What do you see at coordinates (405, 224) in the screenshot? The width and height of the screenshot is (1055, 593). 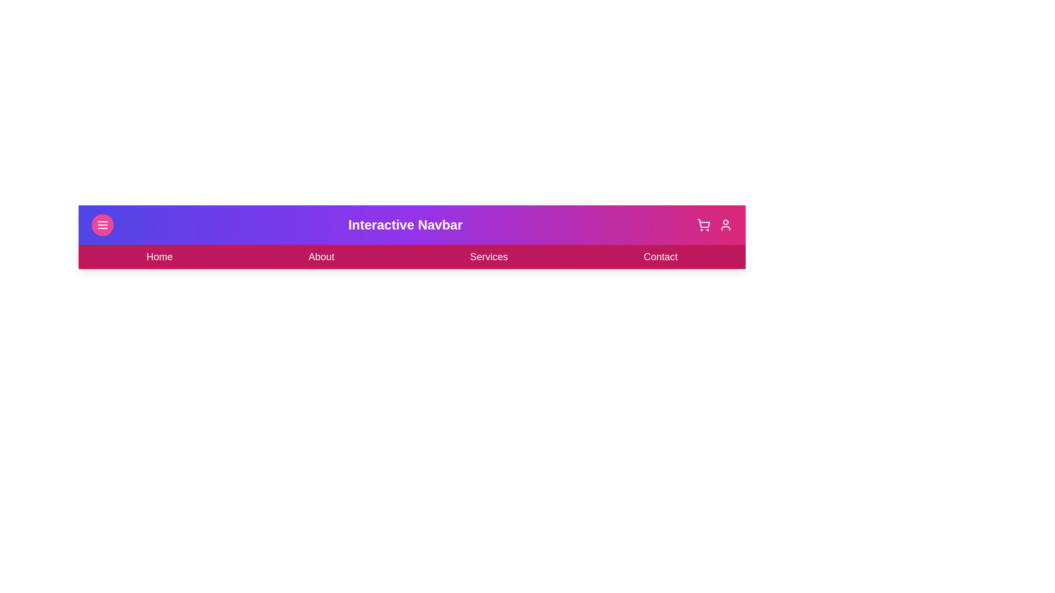 I see `the header text 'Interactive Navbar'` at bounding box center [405, 224].